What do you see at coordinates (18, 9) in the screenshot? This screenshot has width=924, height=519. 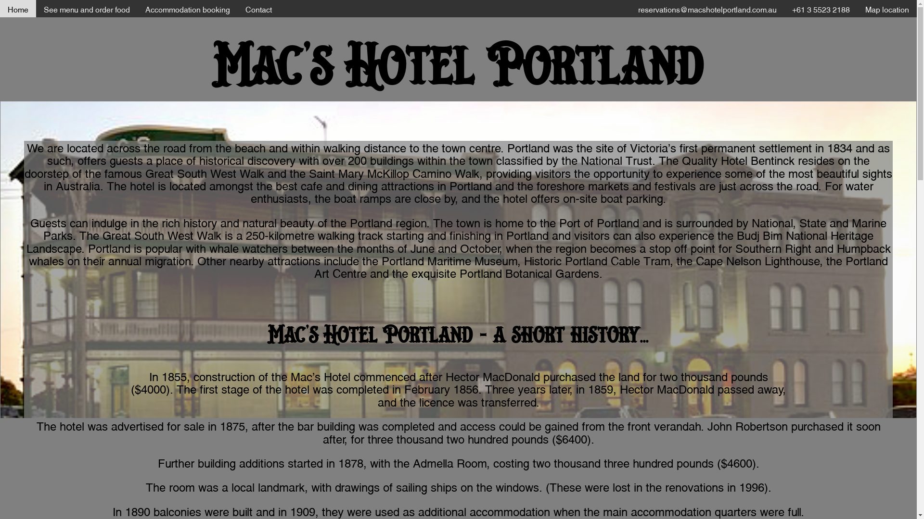 I see `'Home'` at bounding box center [18, 9].